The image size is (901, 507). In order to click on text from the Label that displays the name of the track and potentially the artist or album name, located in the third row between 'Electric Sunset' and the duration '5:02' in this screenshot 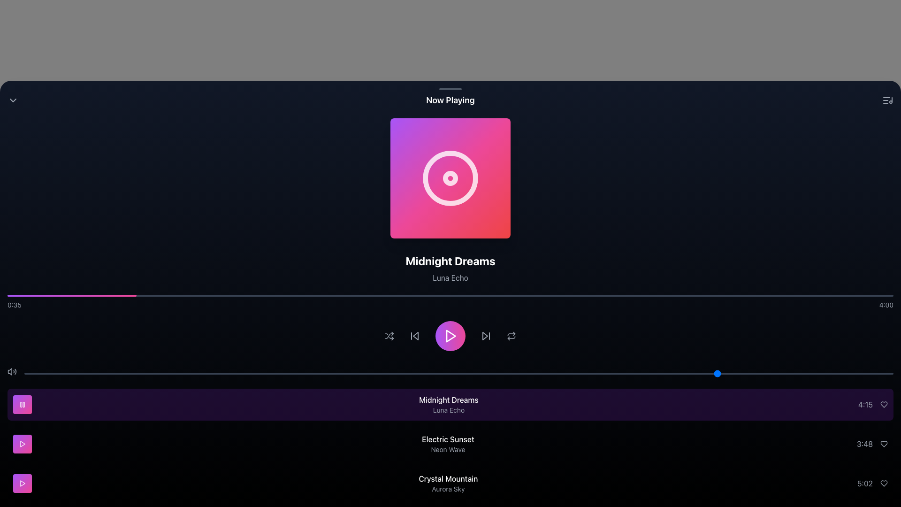, I will do `click(448, 483)`.